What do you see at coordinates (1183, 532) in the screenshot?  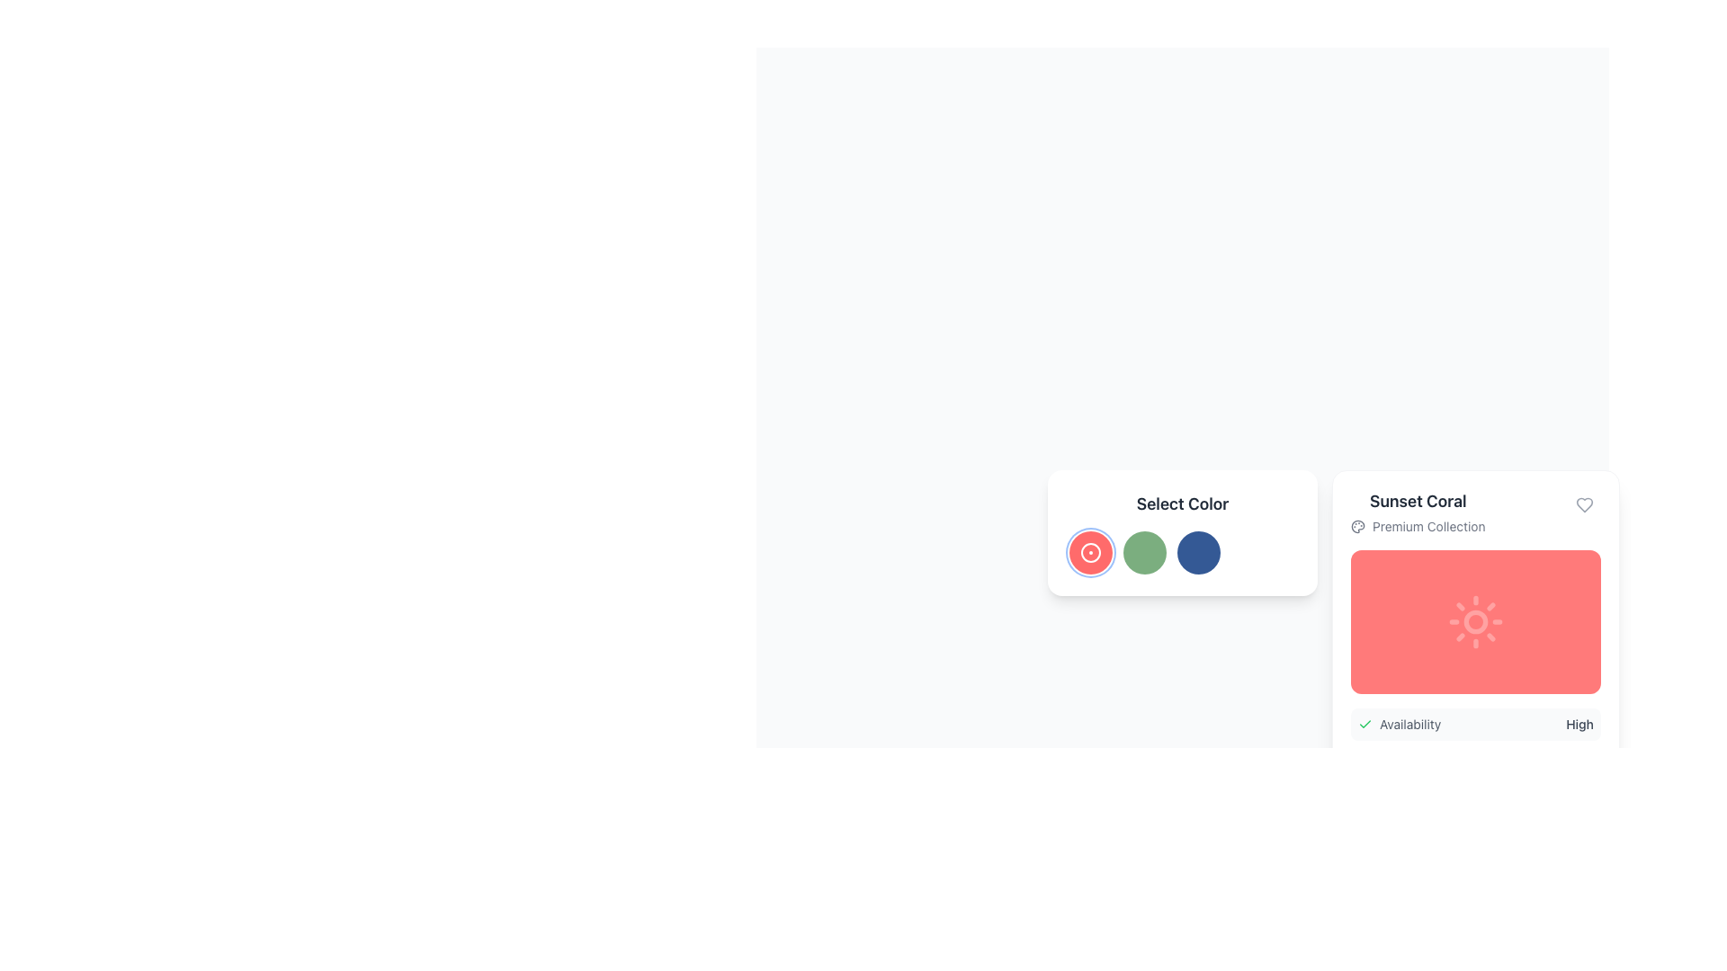 I see `the circular blue button under the label 'Select Color'` at bounding box center [1183, 532].